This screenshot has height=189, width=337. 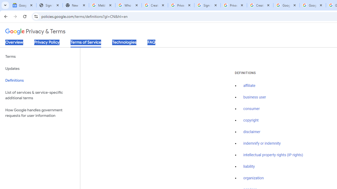 I want to click on 'Sign in - Google Accounts', so click(x=207, y=5).